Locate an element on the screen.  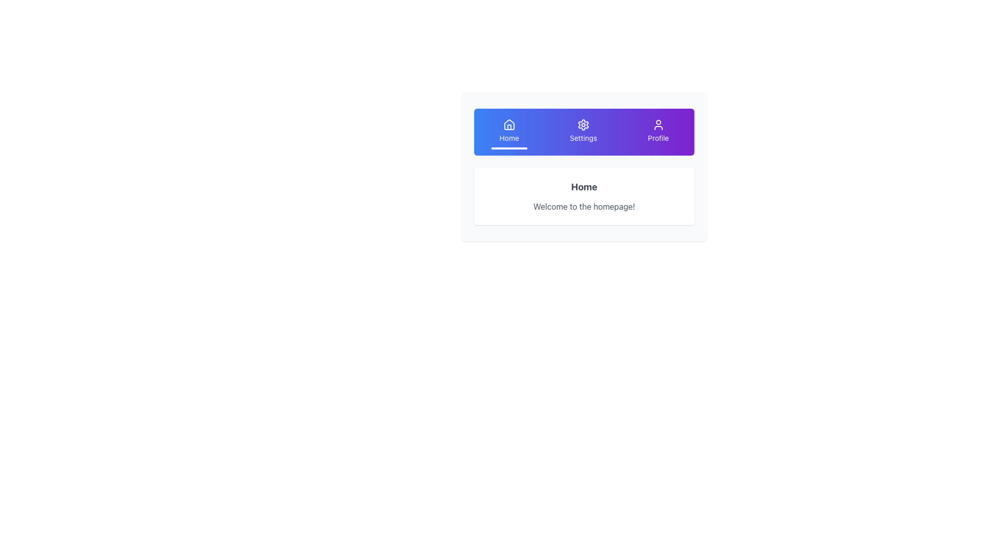
the settings icon, which is represented by a gear icon located in the center of the navigation bar, allowing access to configuration options is located at coordinates (583, 124).